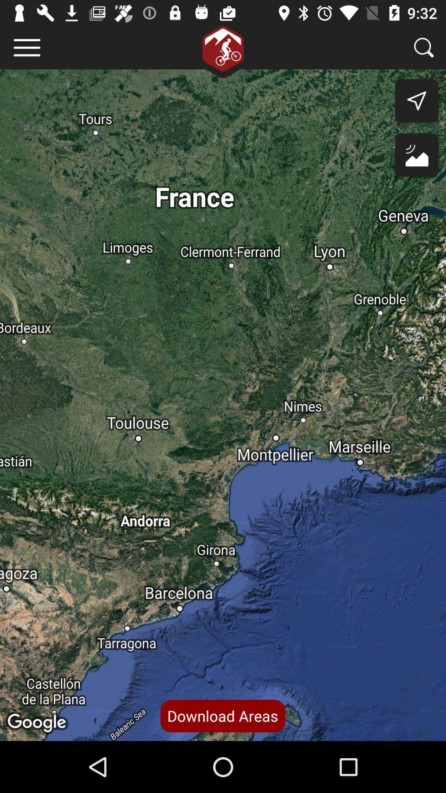  What do you see at coordinates (26, 47) in the screenshot?
I see `the menu` at bounding box center [26, 47].